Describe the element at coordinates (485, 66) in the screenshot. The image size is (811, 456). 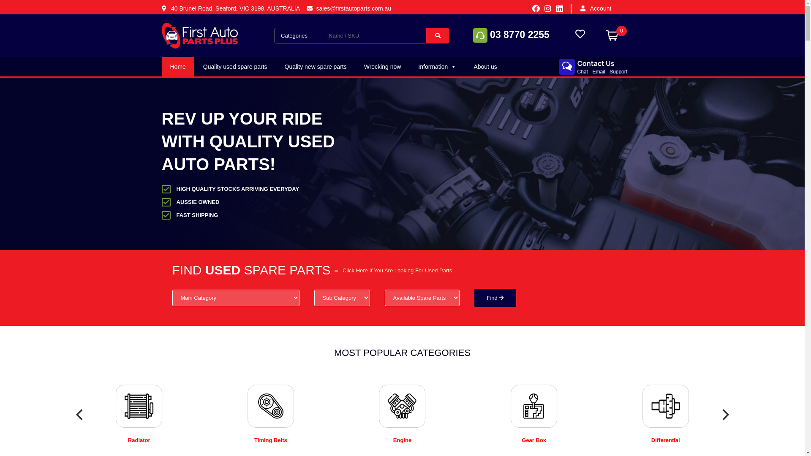
I see `'About us'` at that location.